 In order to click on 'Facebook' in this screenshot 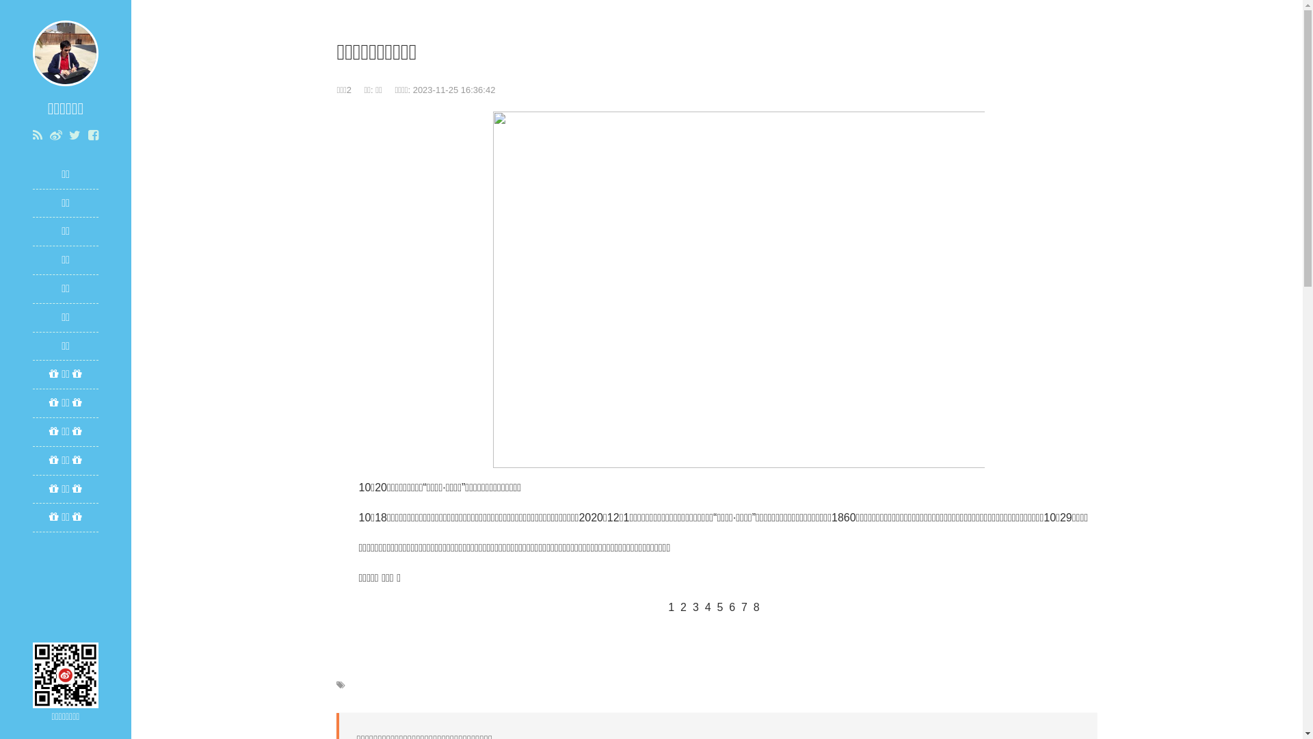, I will do `click(92, 135)`.